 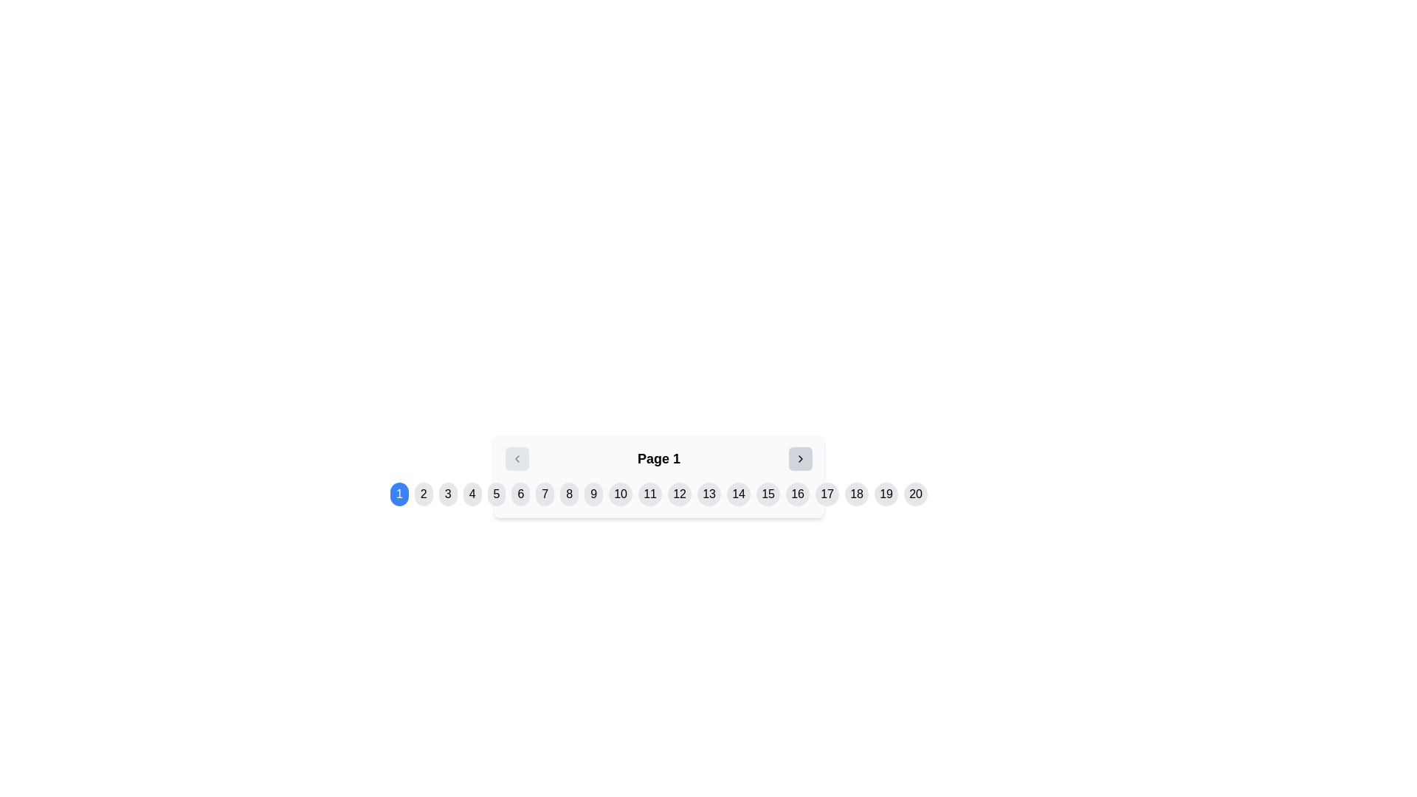 I want to click on the 11th circular pagination button, which is colored blue and located at the bottom-center of the interface, for interactive feedback, so click(x=658, y=494).